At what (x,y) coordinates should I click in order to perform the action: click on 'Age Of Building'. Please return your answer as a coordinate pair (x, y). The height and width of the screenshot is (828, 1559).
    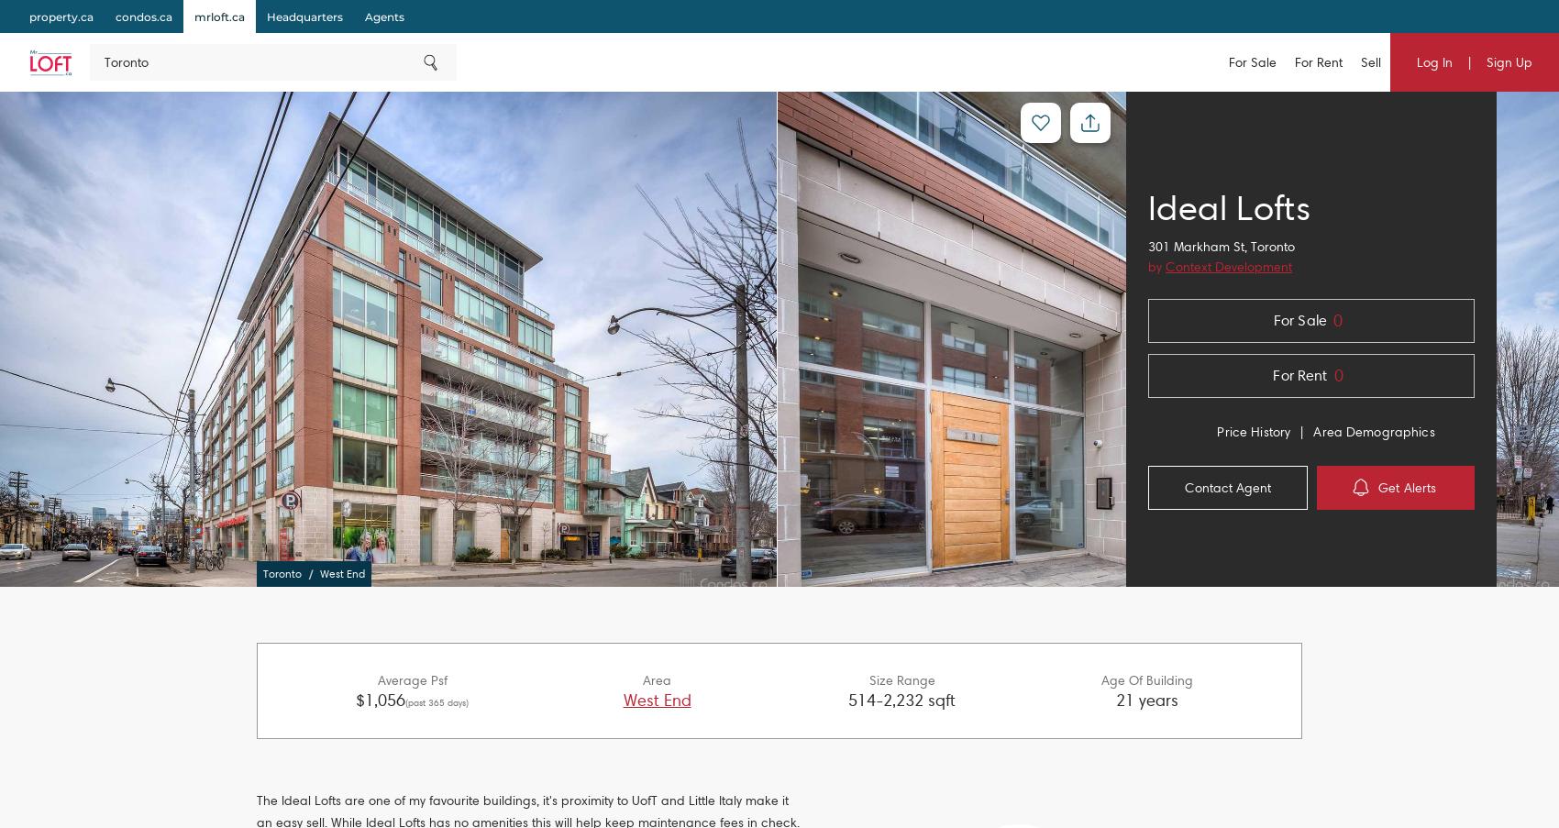
    Looking at the image, I should click on (1100, 679).